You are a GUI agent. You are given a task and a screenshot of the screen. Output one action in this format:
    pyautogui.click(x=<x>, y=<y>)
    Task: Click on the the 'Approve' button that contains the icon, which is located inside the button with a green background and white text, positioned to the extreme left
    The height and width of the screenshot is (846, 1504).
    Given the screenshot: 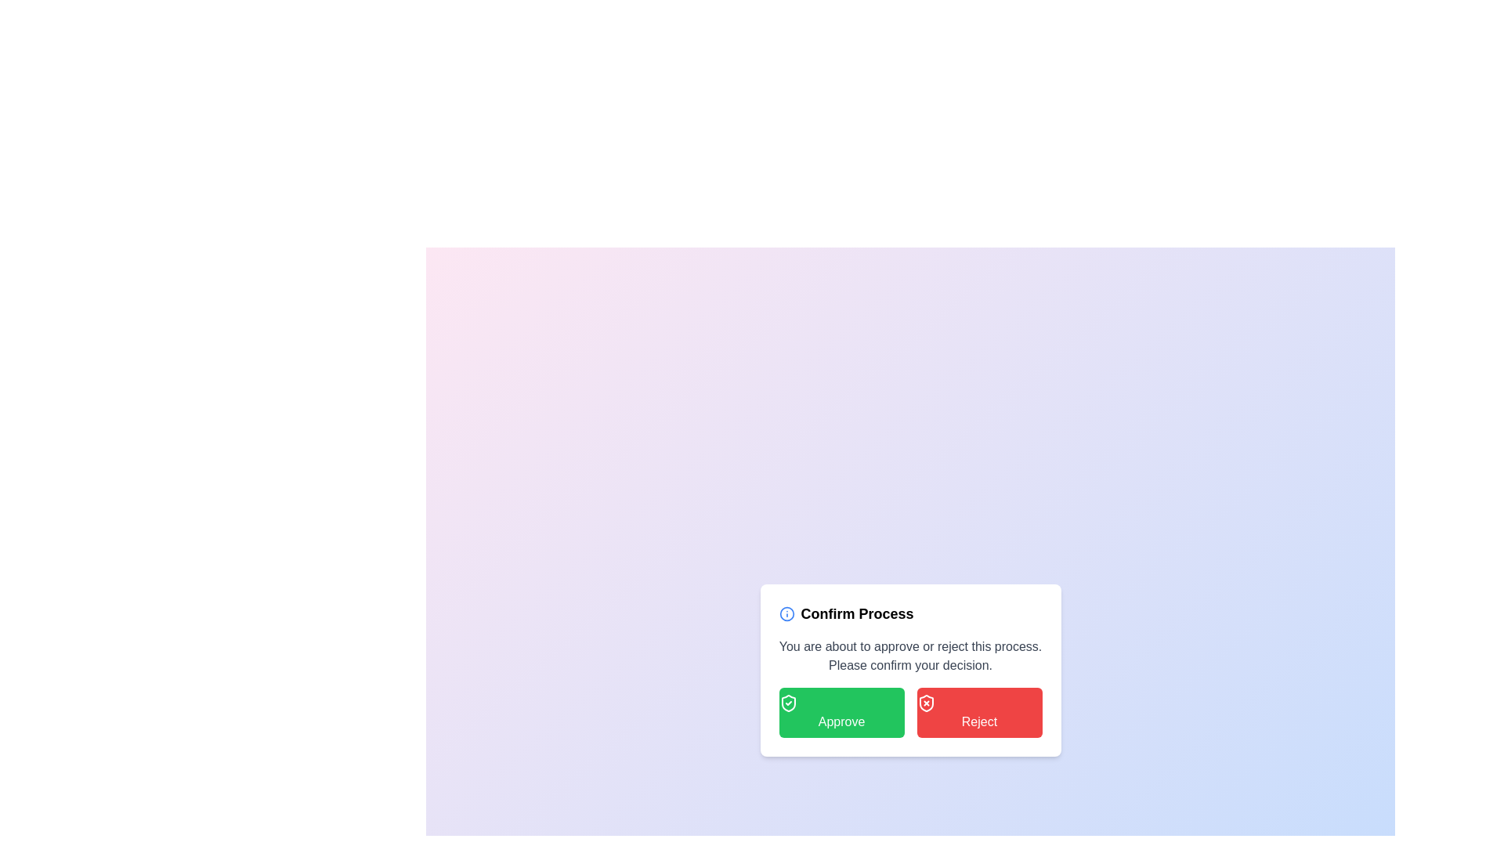 What is the action you would take?
    pyautogui.click(x=788, y=703)
    